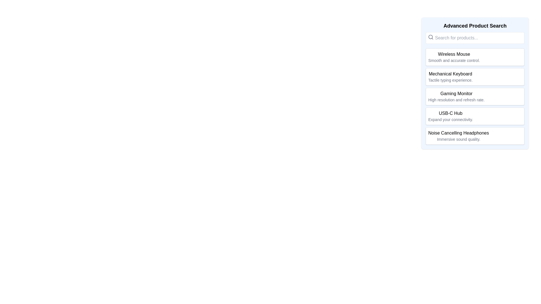  Describe the element at coordinates (475, 96) in the screenshot. I see `the third card in the 'Advanced Product Search' section, which displays 'Gaming Monitor' in bold and has a white background with rounded edges` at that location.